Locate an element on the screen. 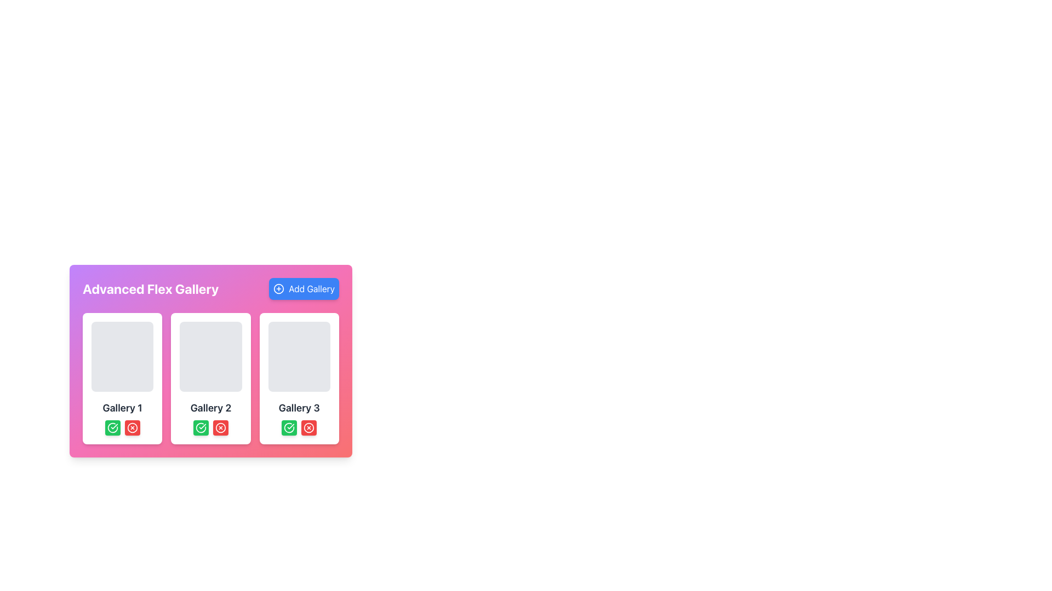  text label positioned centrally under the image placeholder in the first gallery card, which helps users identify the respective gallery is located at coordinates (122, 408).